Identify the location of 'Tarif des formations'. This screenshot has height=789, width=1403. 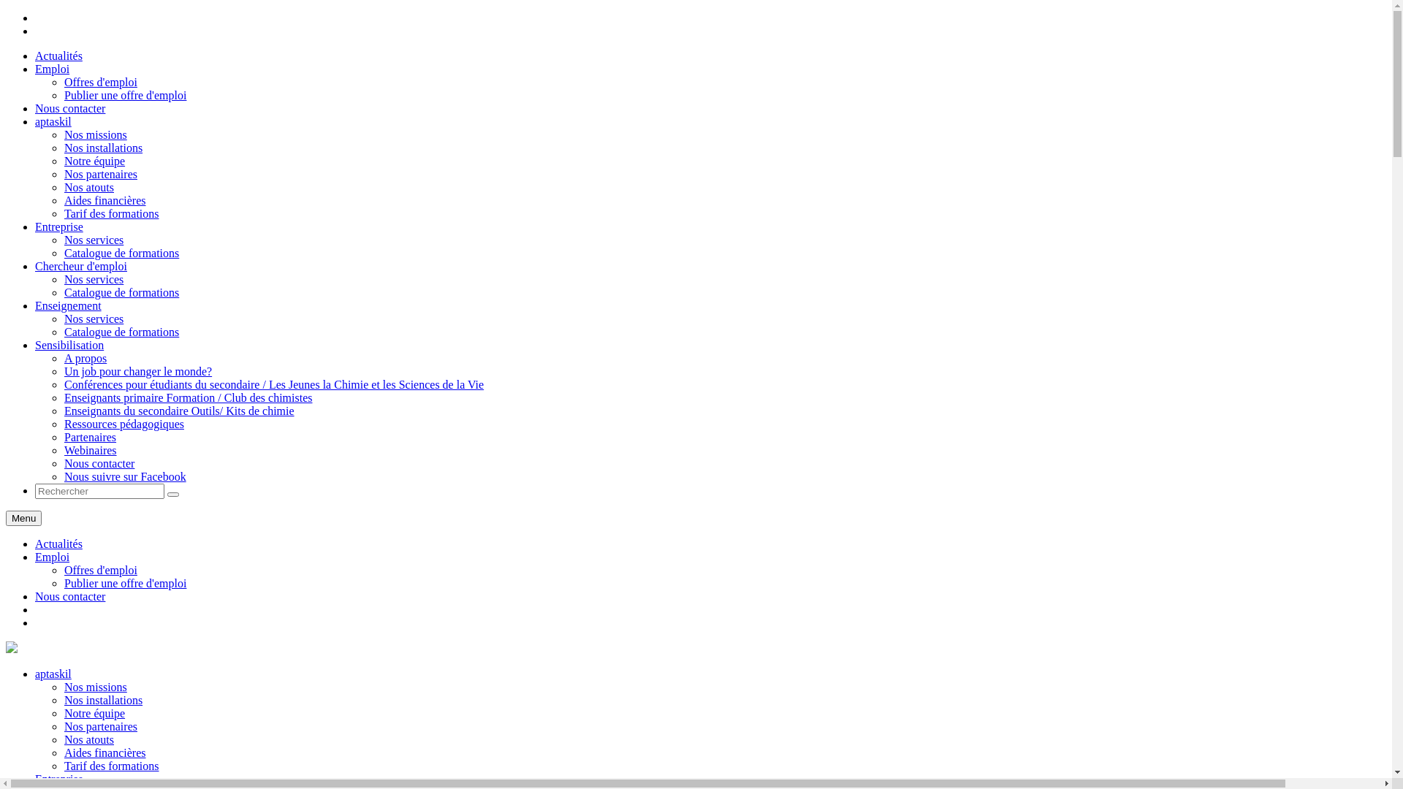
(111, 765).